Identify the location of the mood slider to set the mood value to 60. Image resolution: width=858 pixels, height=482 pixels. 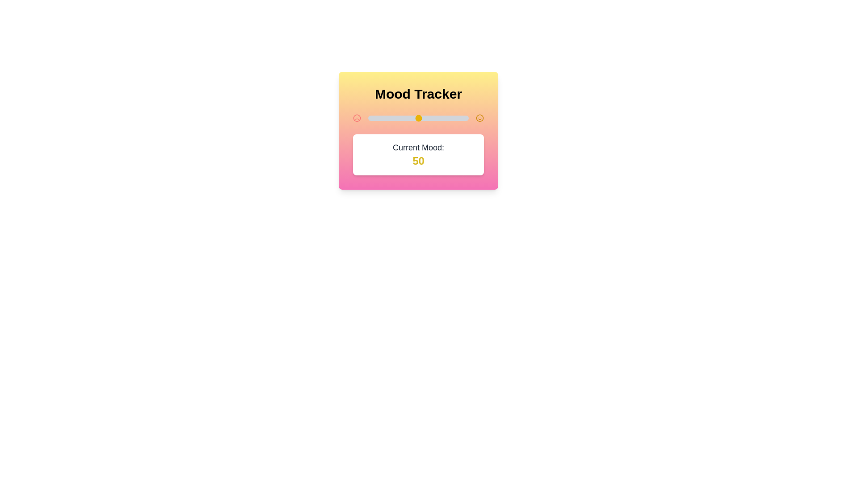
(428, 118).